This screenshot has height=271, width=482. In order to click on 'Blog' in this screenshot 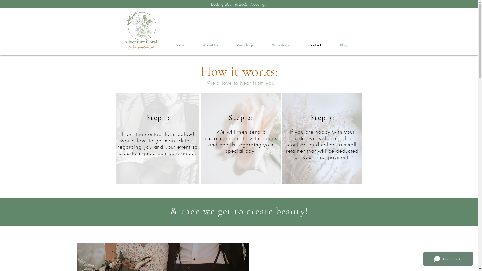, I will do `click(343, 45)`.